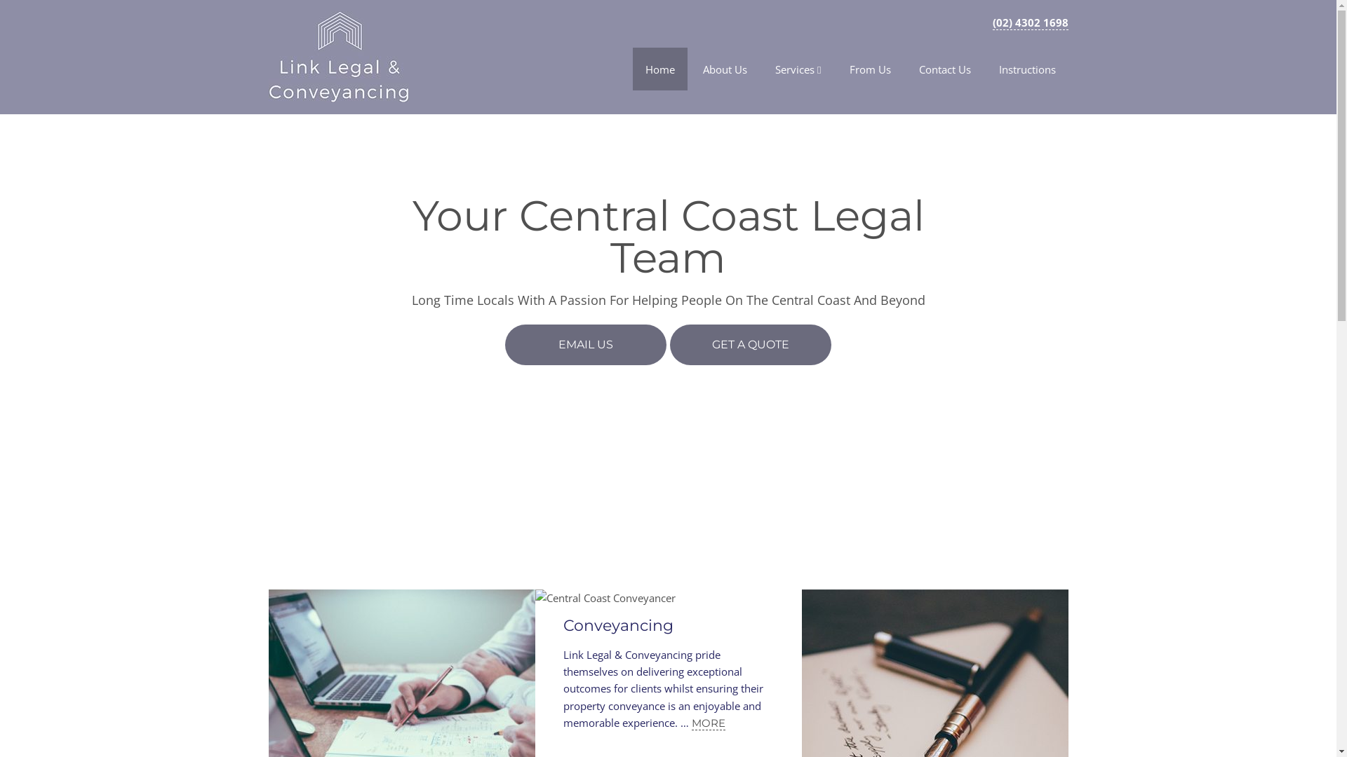 The width and height of the screenshot is (1347, 757). Describe the element at coordinates (669, 345) in the screenshot. I see `'GET A QUOTE'` at that location.